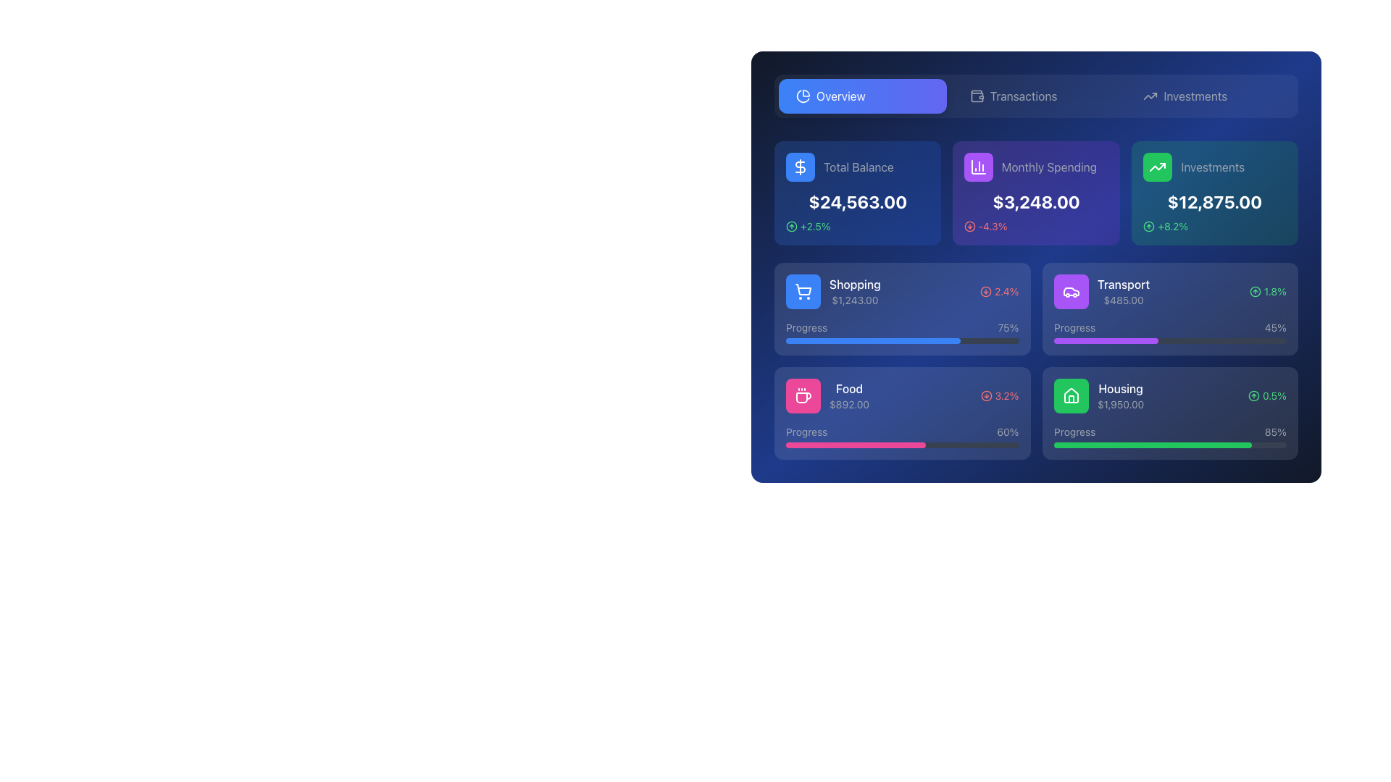 The image size is (1391, 782). I want to click on the coffee cup icon with a white appearance against a pink circular background, located in the second column of the second row of the grid layout, so click(802, 396).